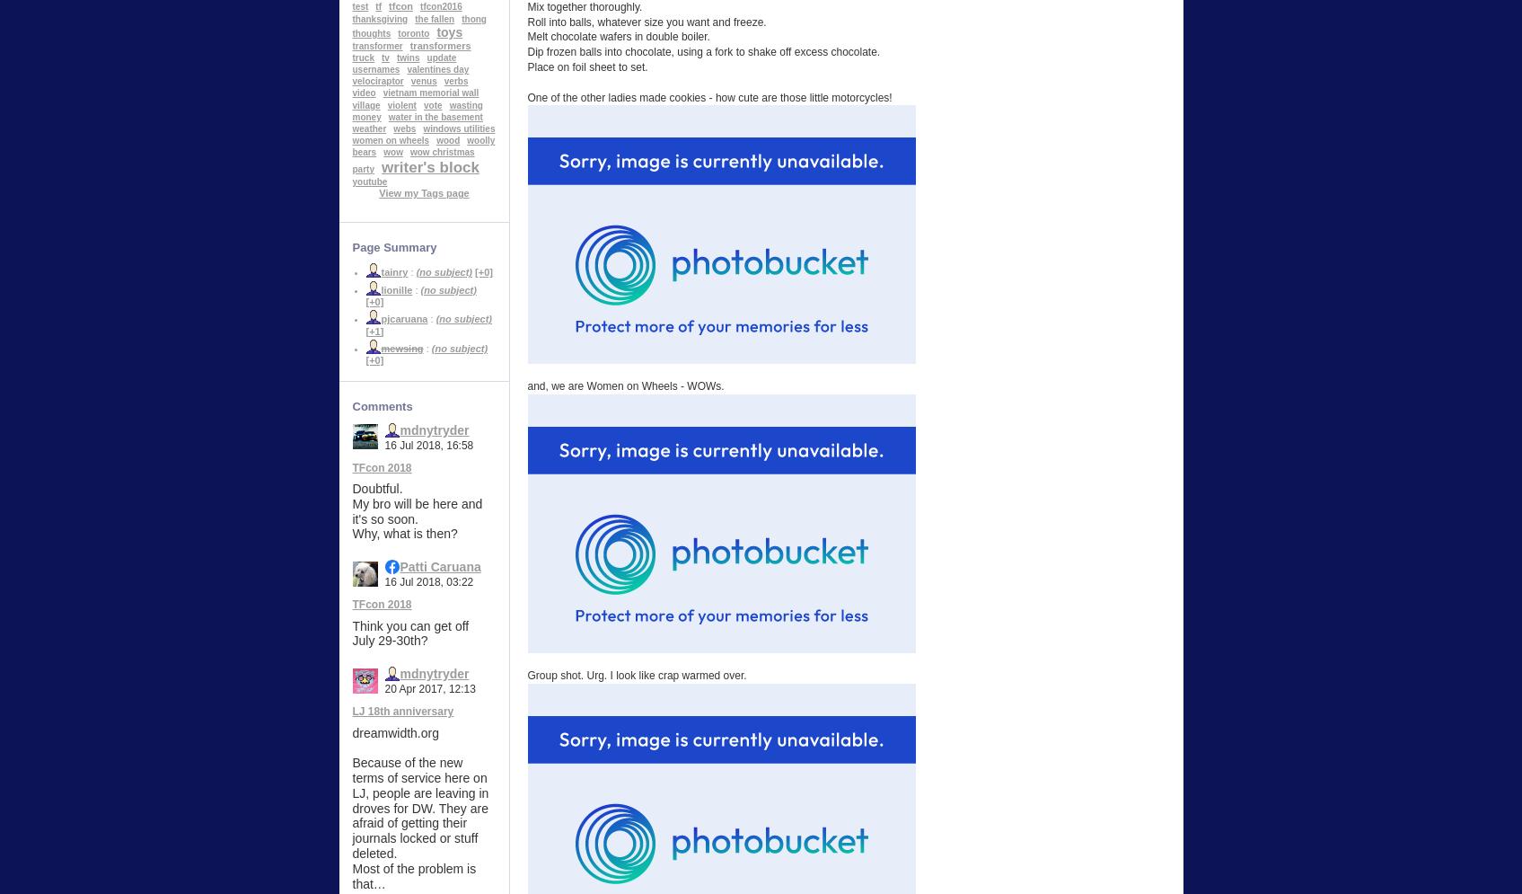 The height and width of the screenshot is (894, 1522). I want to click on '[+1]', so click(374, 329).